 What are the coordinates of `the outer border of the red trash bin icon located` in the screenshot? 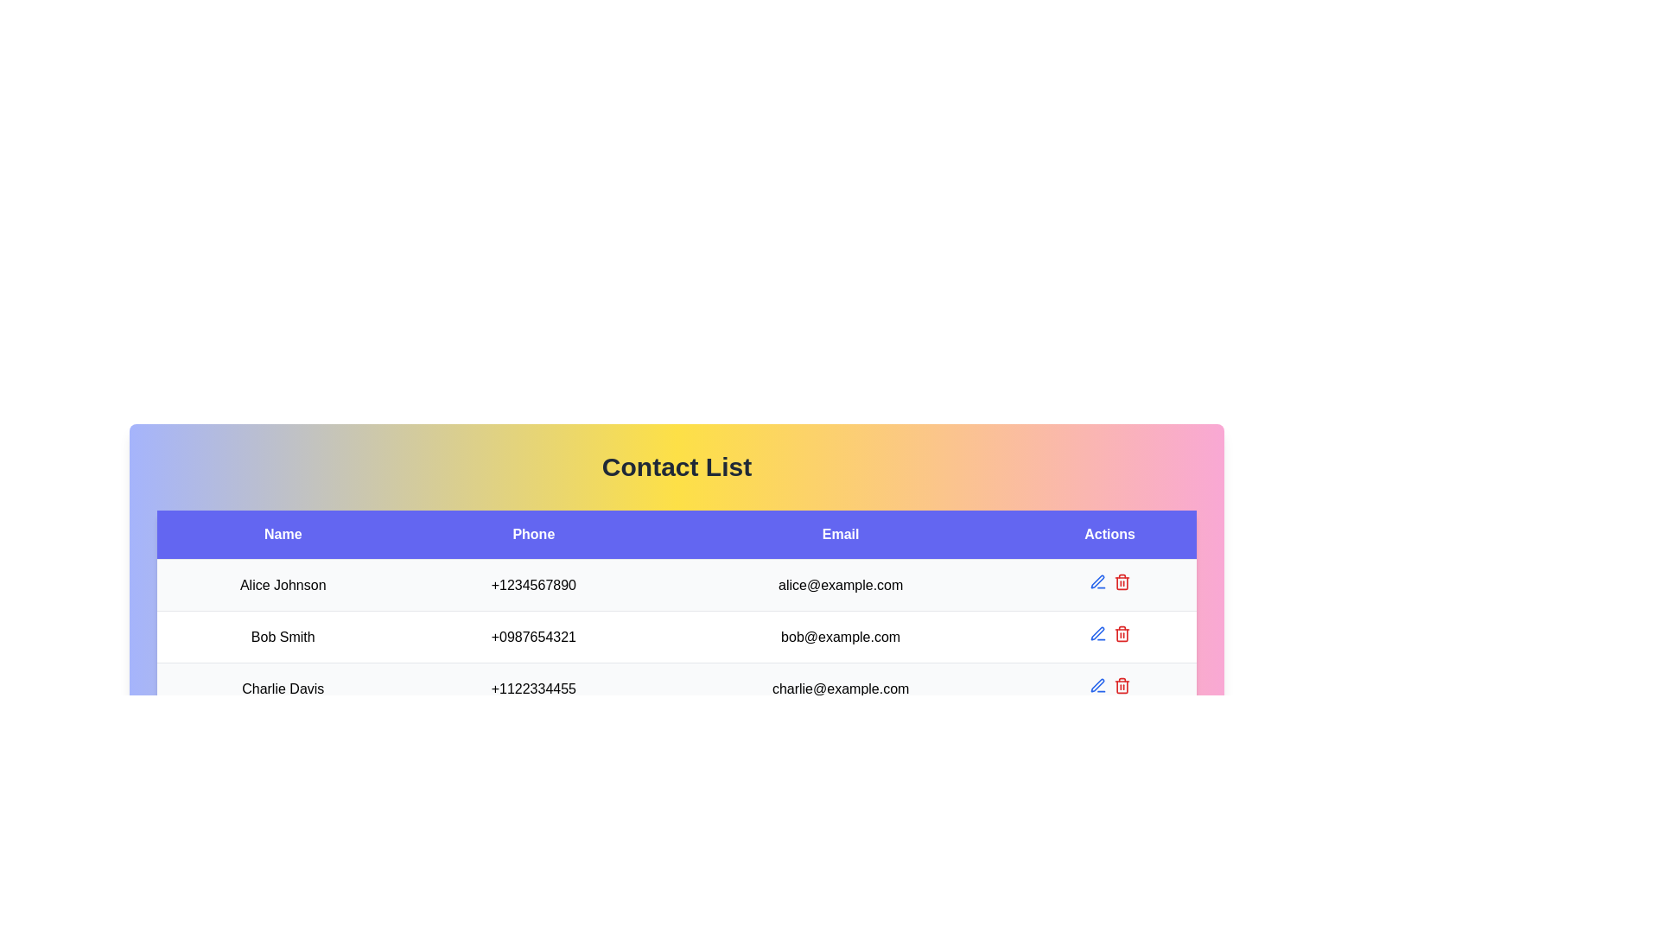 It's located at (1122, 686).